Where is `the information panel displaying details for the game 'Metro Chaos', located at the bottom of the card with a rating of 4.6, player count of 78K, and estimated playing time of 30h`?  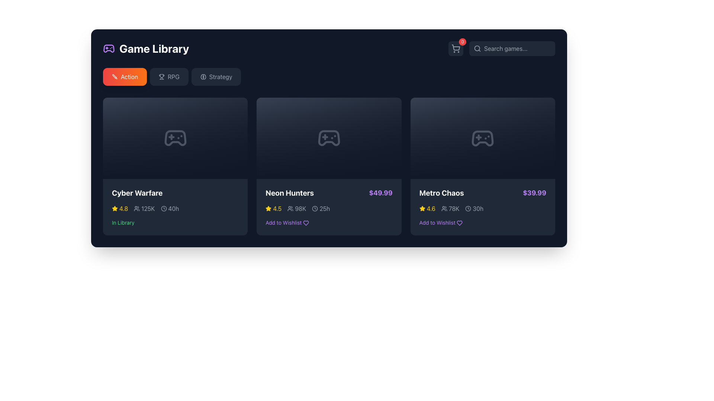
the information panel displaying details for the game 'Metro Chaos', located at the bottom of the card with a rating of 4.6, player count of 78K, and estimated playing time of 30h is located at coordinates (483, 207).